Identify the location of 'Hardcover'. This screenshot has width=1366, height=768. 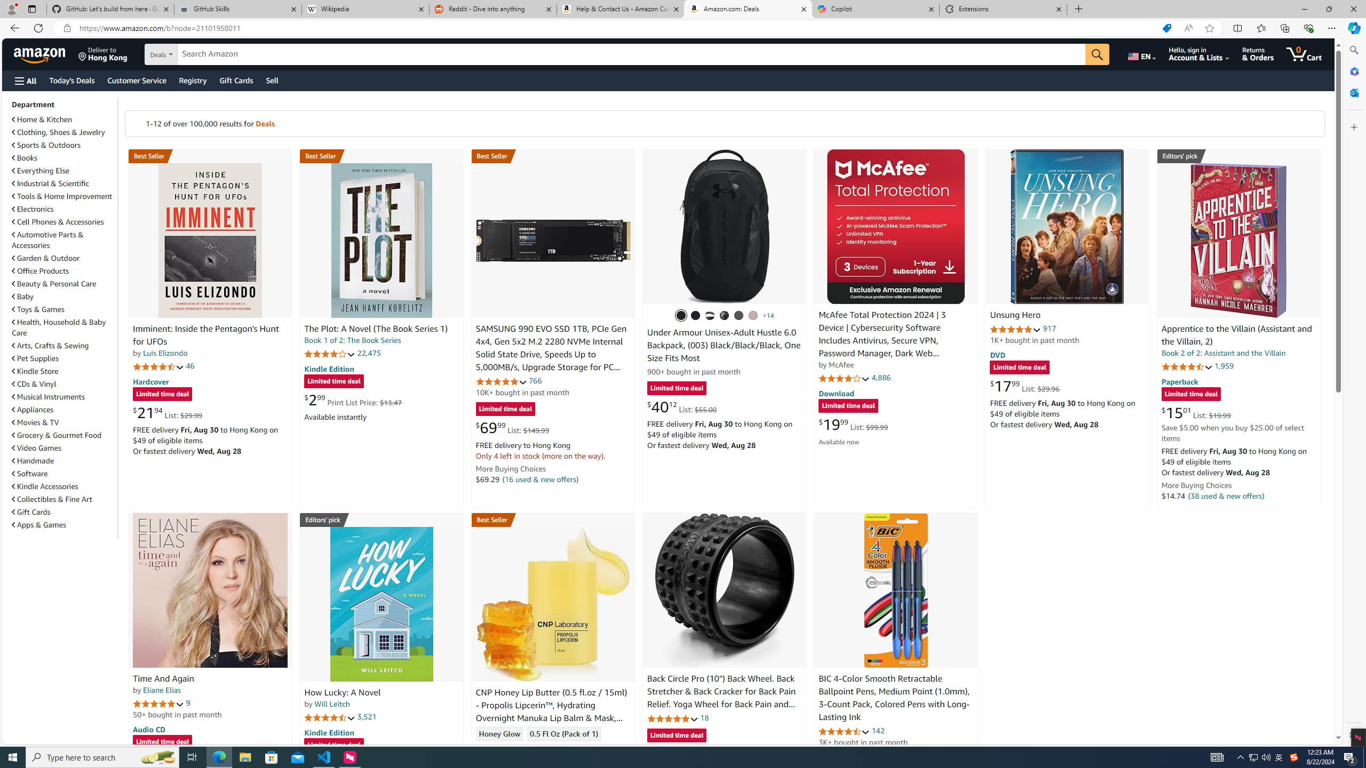
(150, 380).